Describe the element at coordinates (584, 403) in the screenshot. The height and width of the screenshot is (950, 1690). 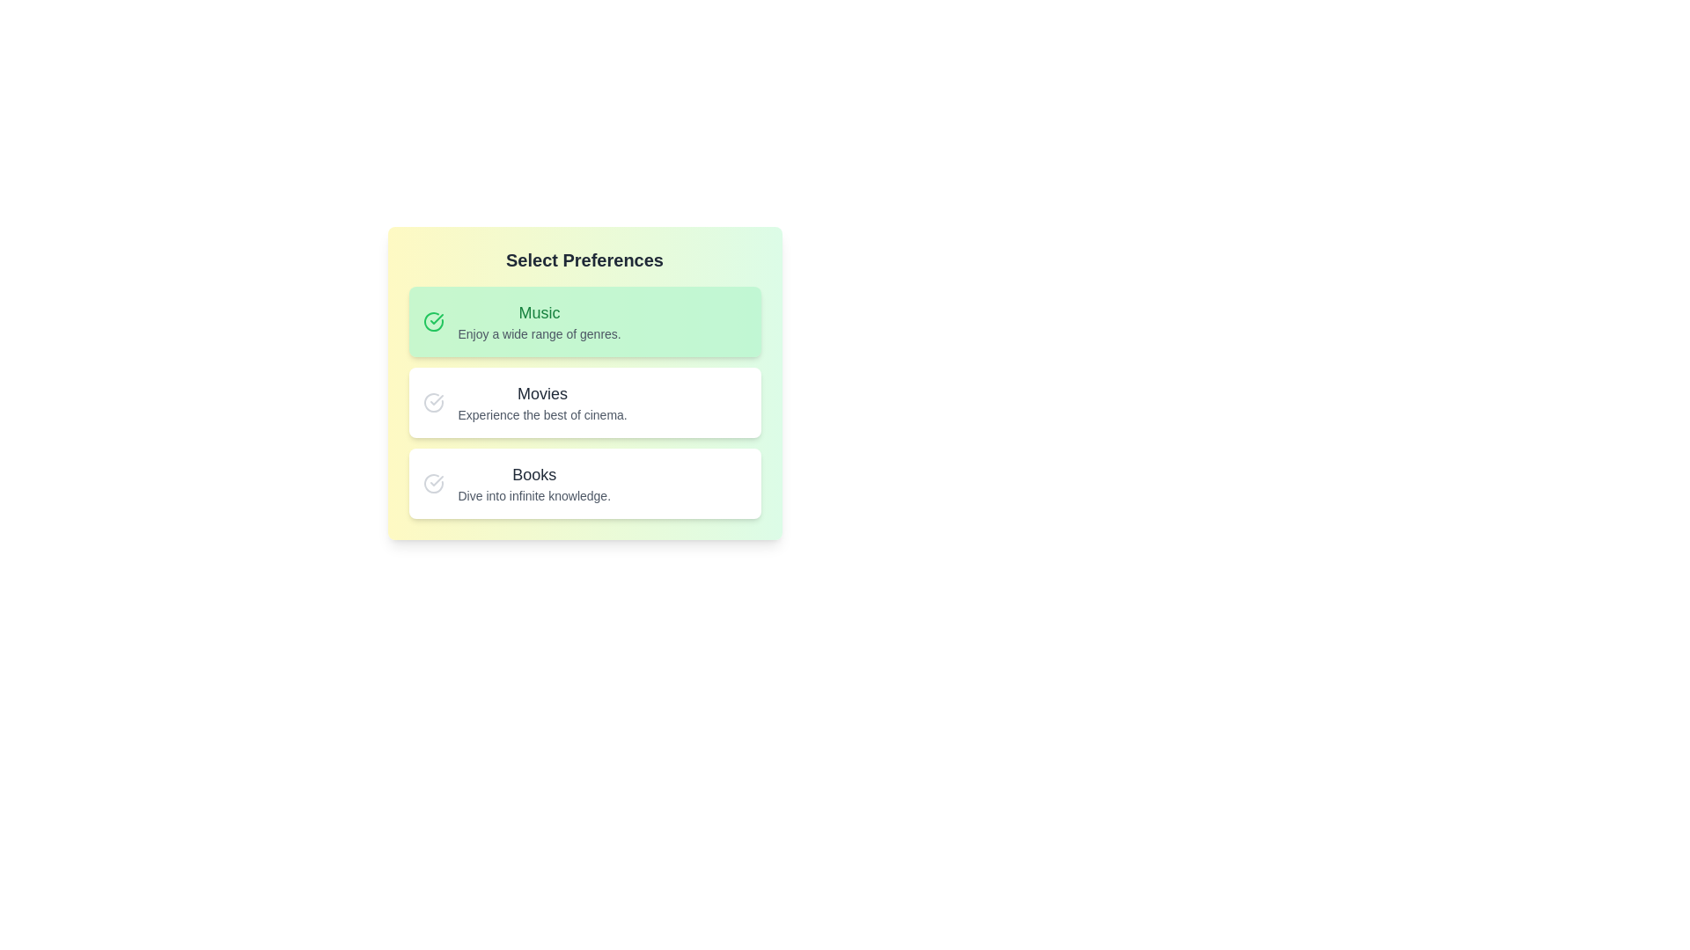
I see `the preference item Movies for inspection` at that location.